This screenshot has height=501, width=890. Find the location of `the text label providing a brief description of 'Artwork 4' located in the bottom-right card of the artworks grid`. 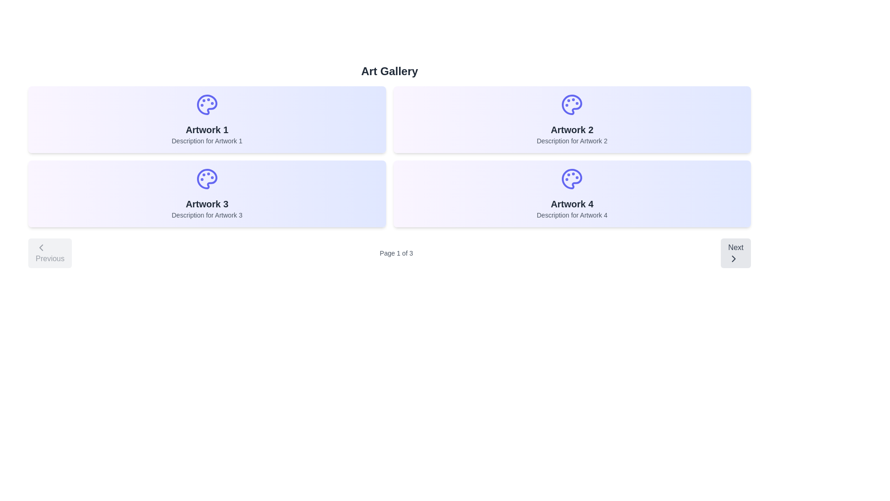

the text label providing a brief description of 'Artwork 4' located in the bottom-right card of the artworks grid is located at coordinates (572, 215).